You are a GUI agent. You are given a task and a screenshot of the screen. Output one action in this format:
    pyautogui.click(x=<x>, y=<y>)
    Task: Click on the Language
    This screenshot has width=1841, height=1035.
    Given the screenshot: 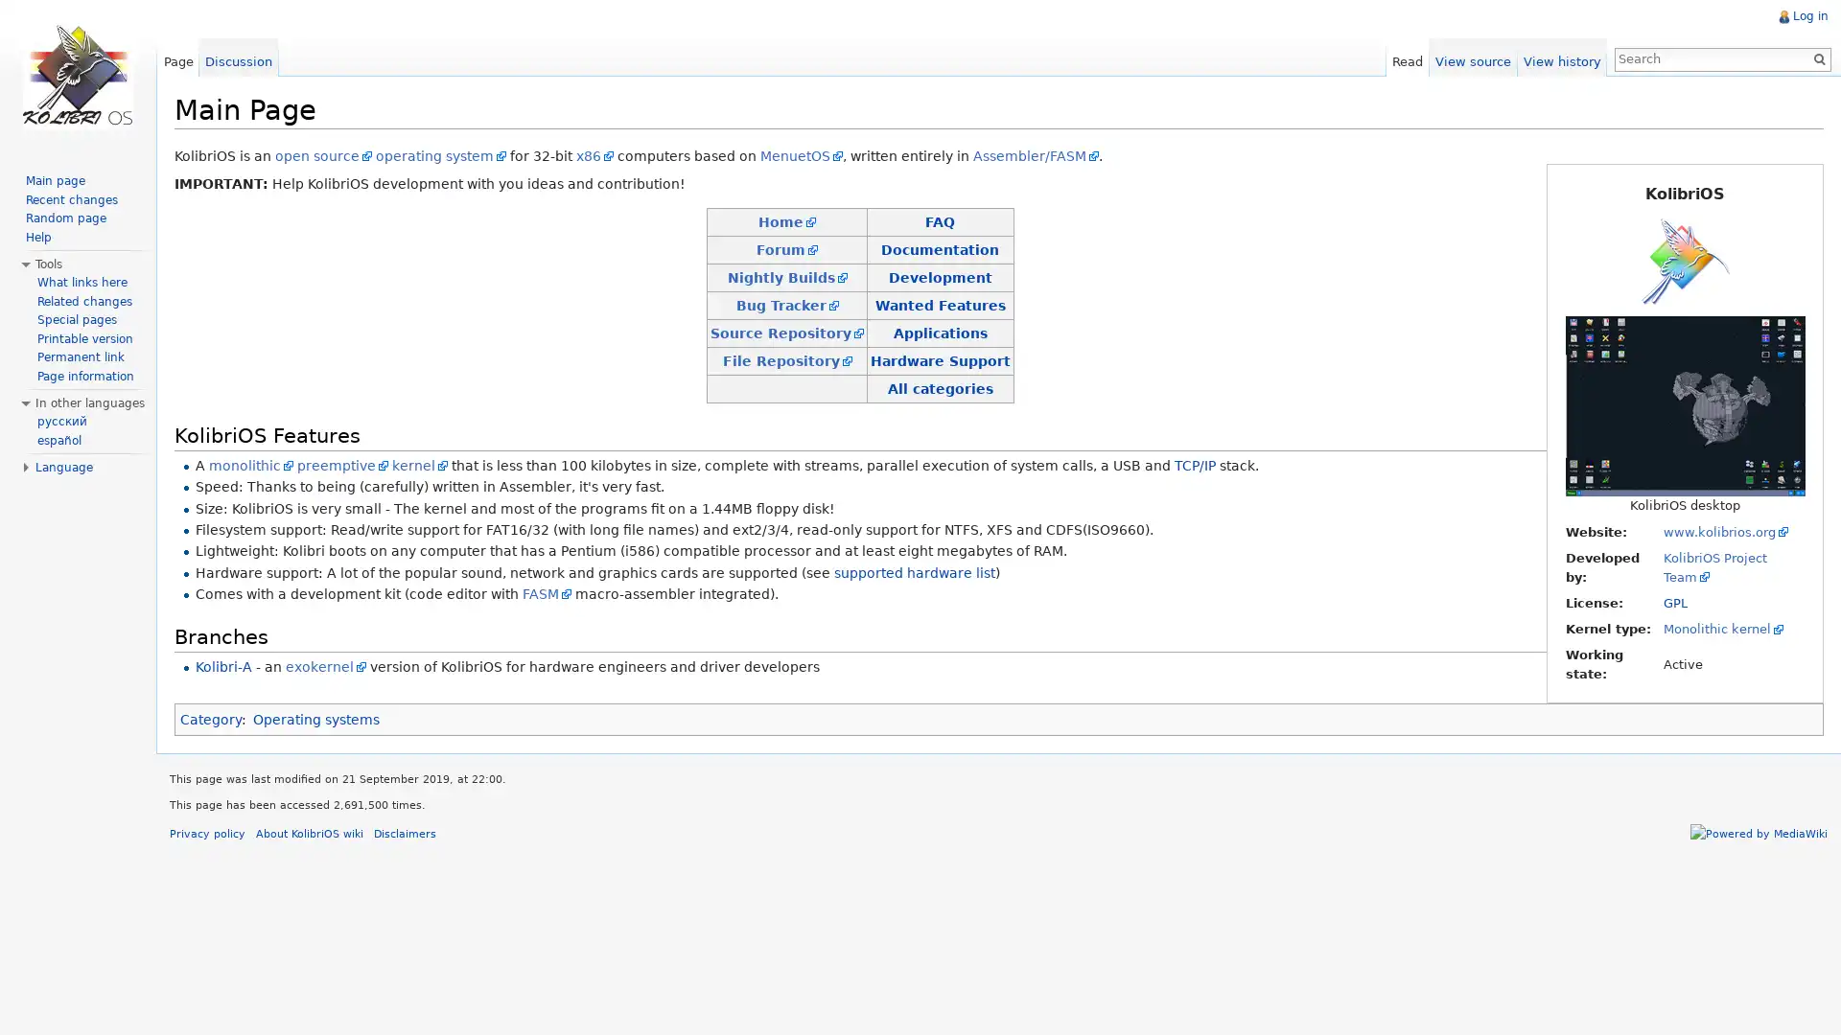 What is the action you would take?
    pyautogui.click(x=64, y=468)
    